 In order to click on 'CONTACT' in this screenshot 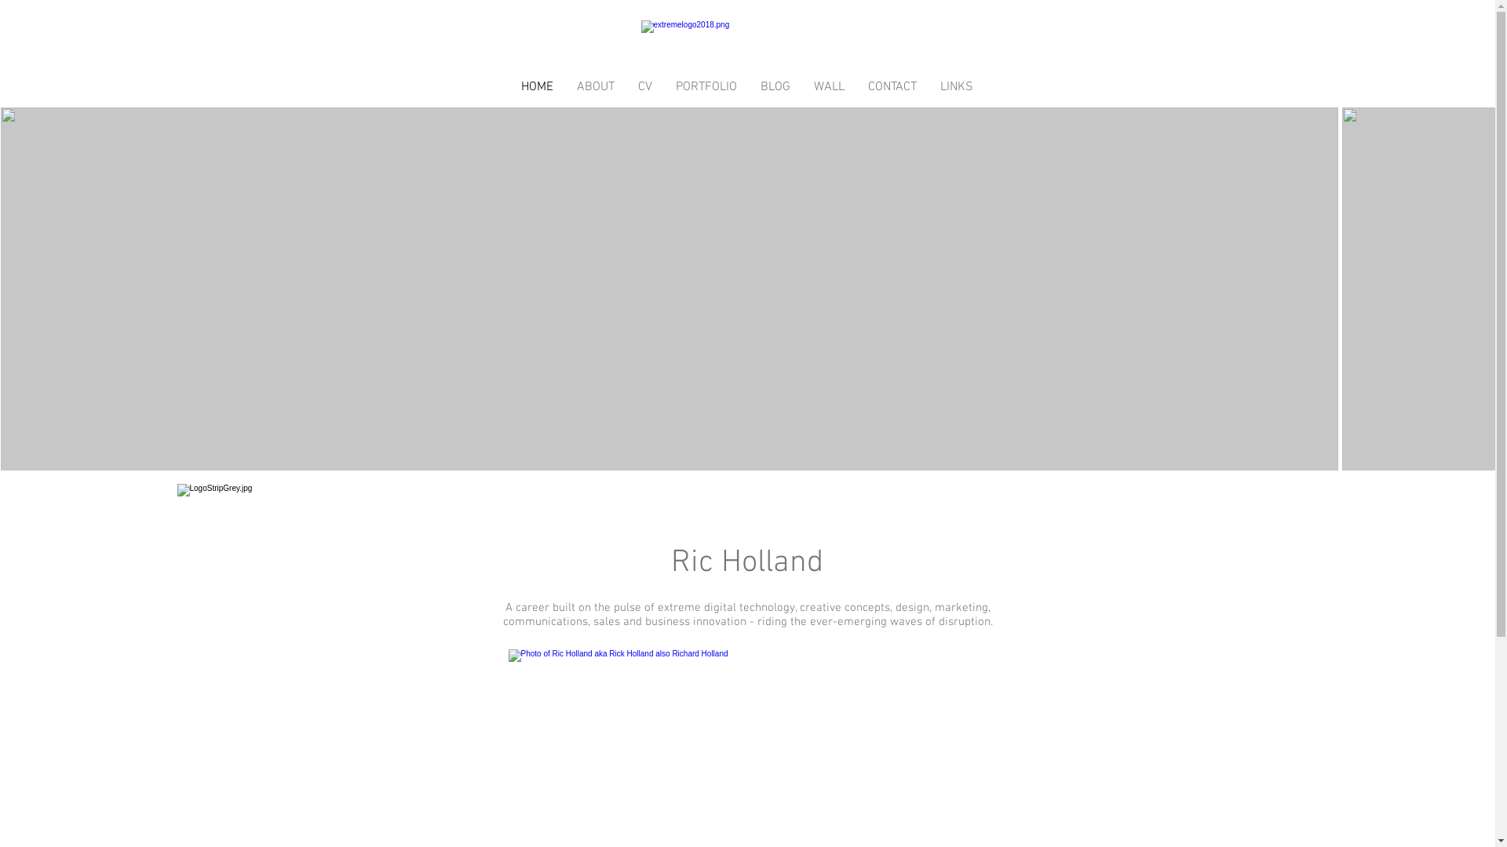, I will do `click(892, 87)`.